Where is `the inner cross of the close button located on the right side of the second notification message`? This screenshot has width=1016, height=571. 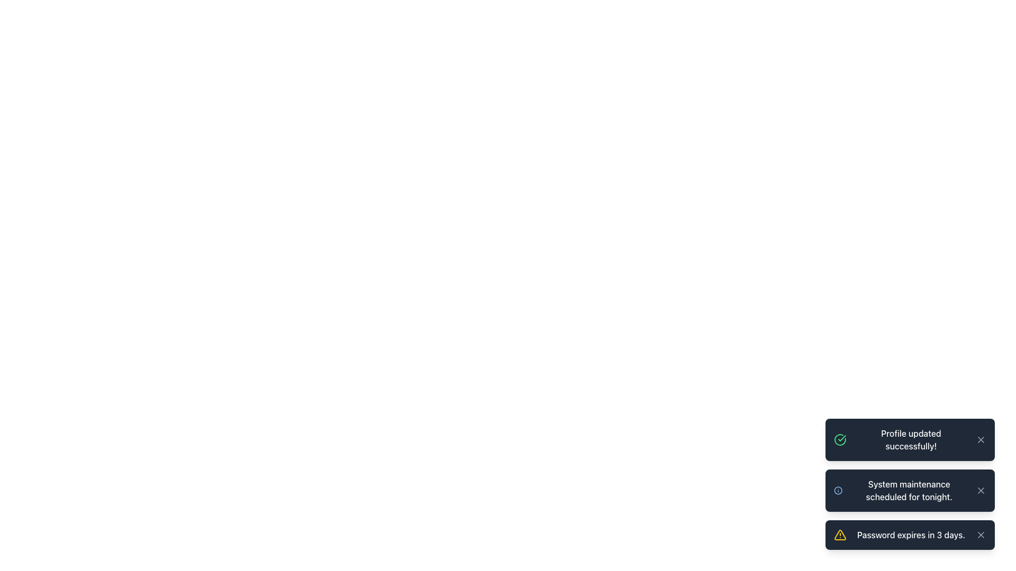 the inner cross of the close button located on the right side of the second notification message is located at coordinates (980, 491).